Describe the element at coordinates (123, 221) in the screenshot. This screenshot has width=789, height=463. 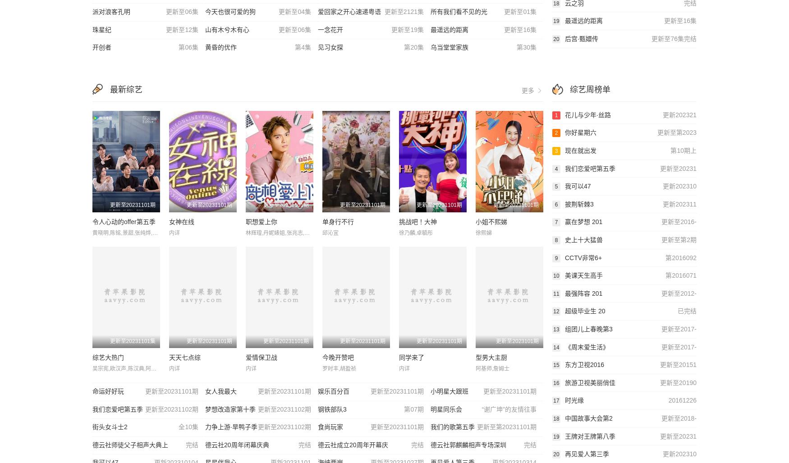
I see `'令人心动的offer第五季'` at that location.